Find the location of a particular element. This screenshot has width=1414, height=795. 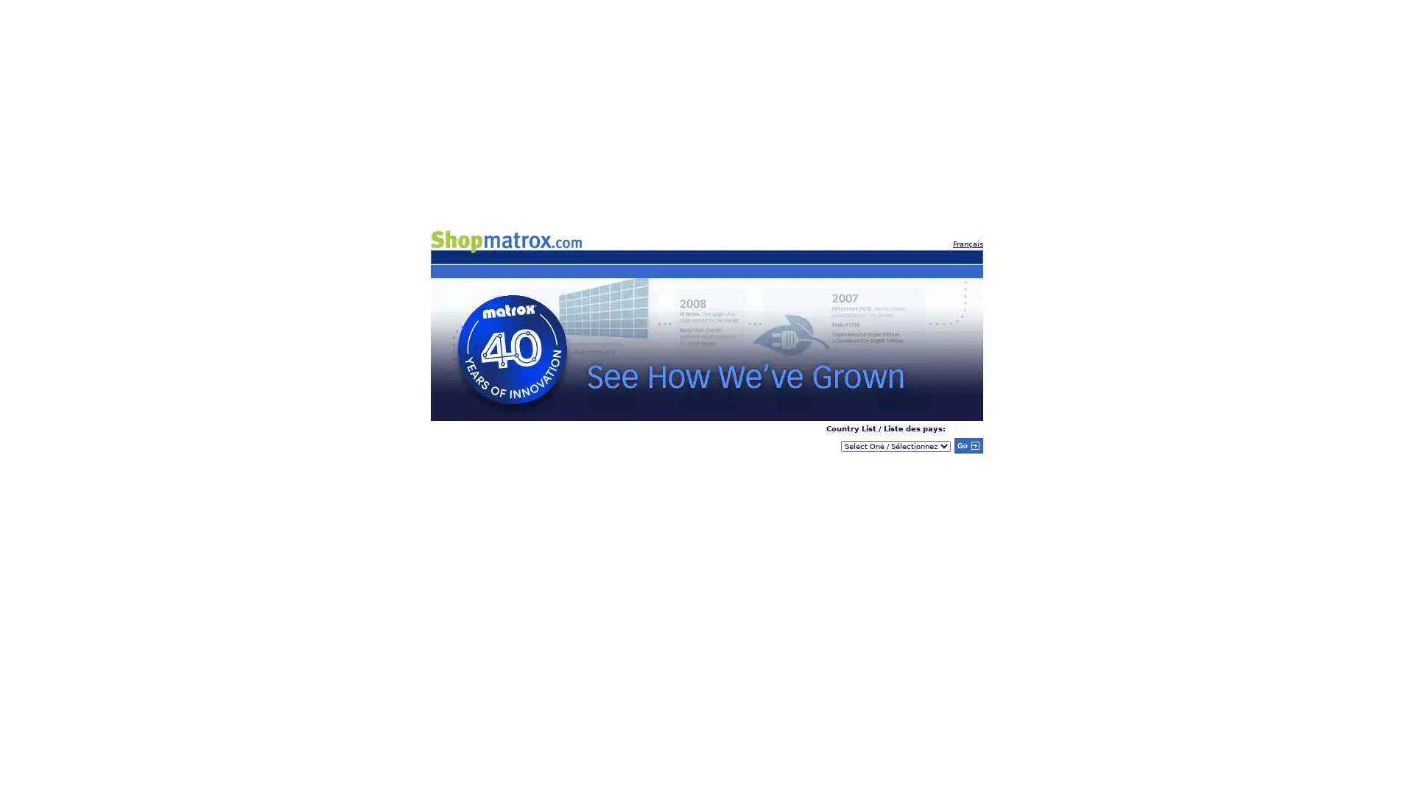

Submit is located at coordinates (968, 445).